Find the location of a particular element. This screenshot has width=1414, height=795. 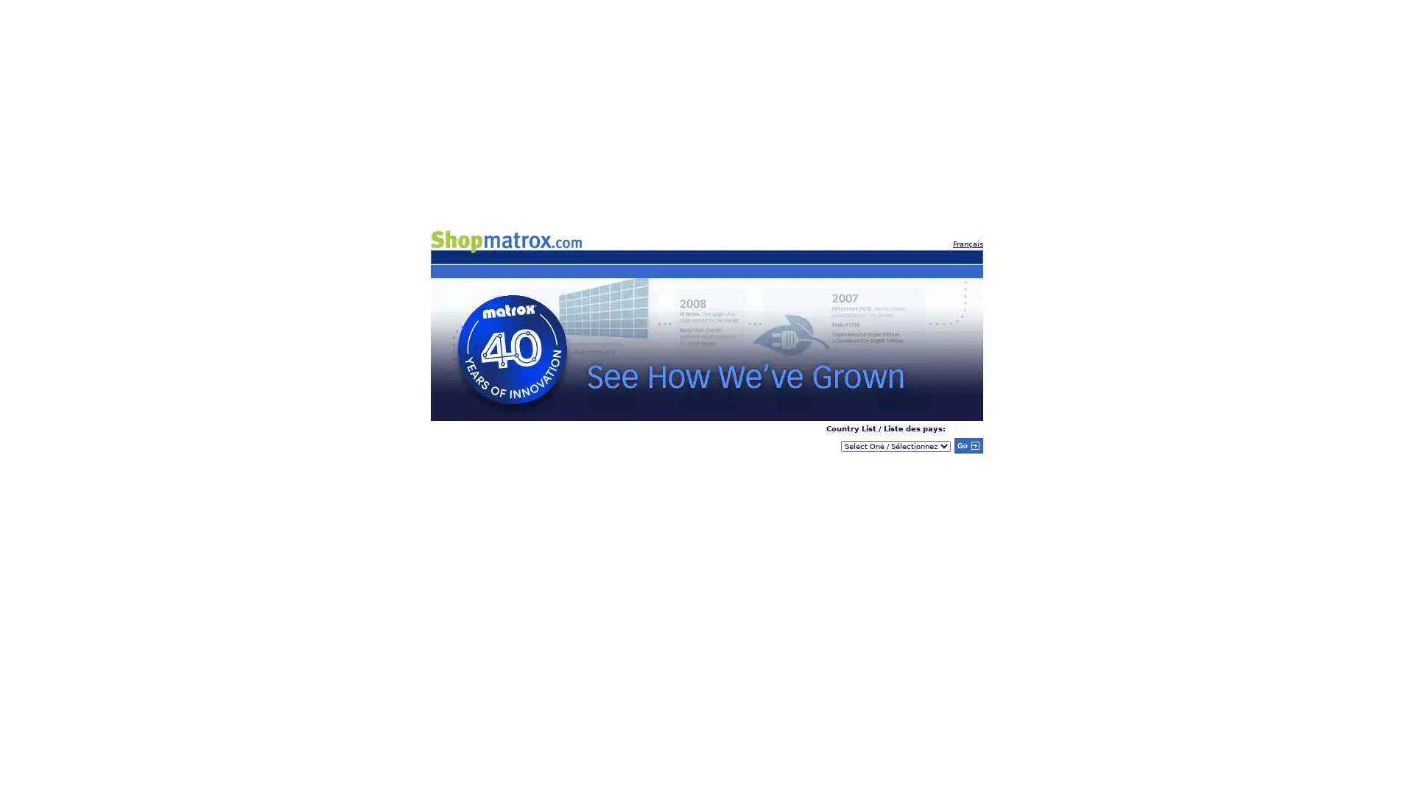

Submit is located at coordinates (968, 445).